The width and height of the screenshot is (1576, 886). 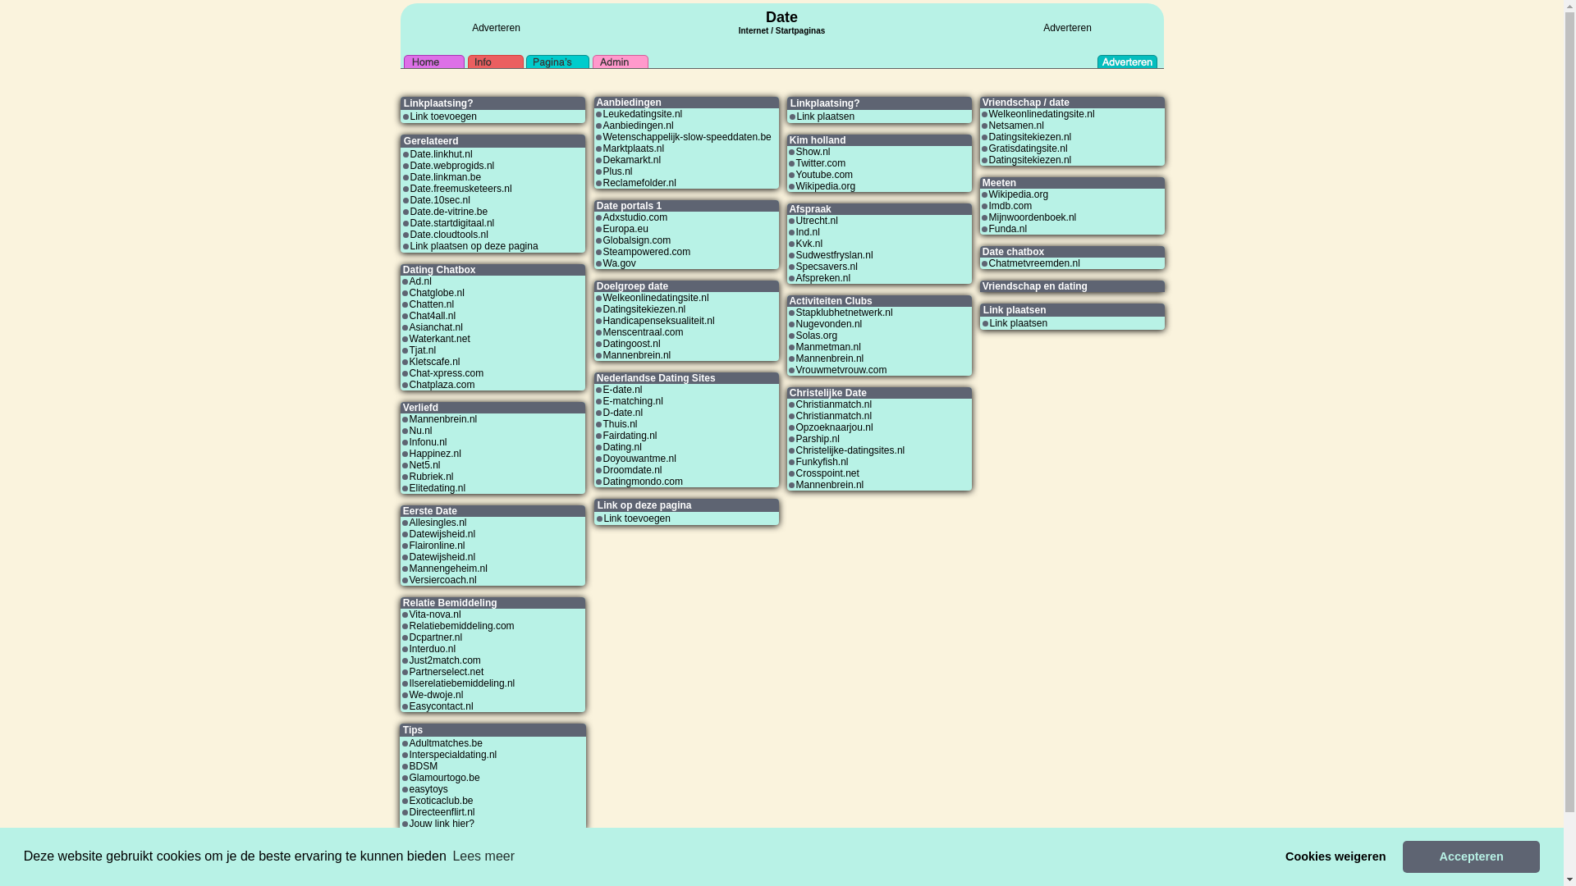 I want to click on 'Chatglobe.nl', so click(x=436, y=292).